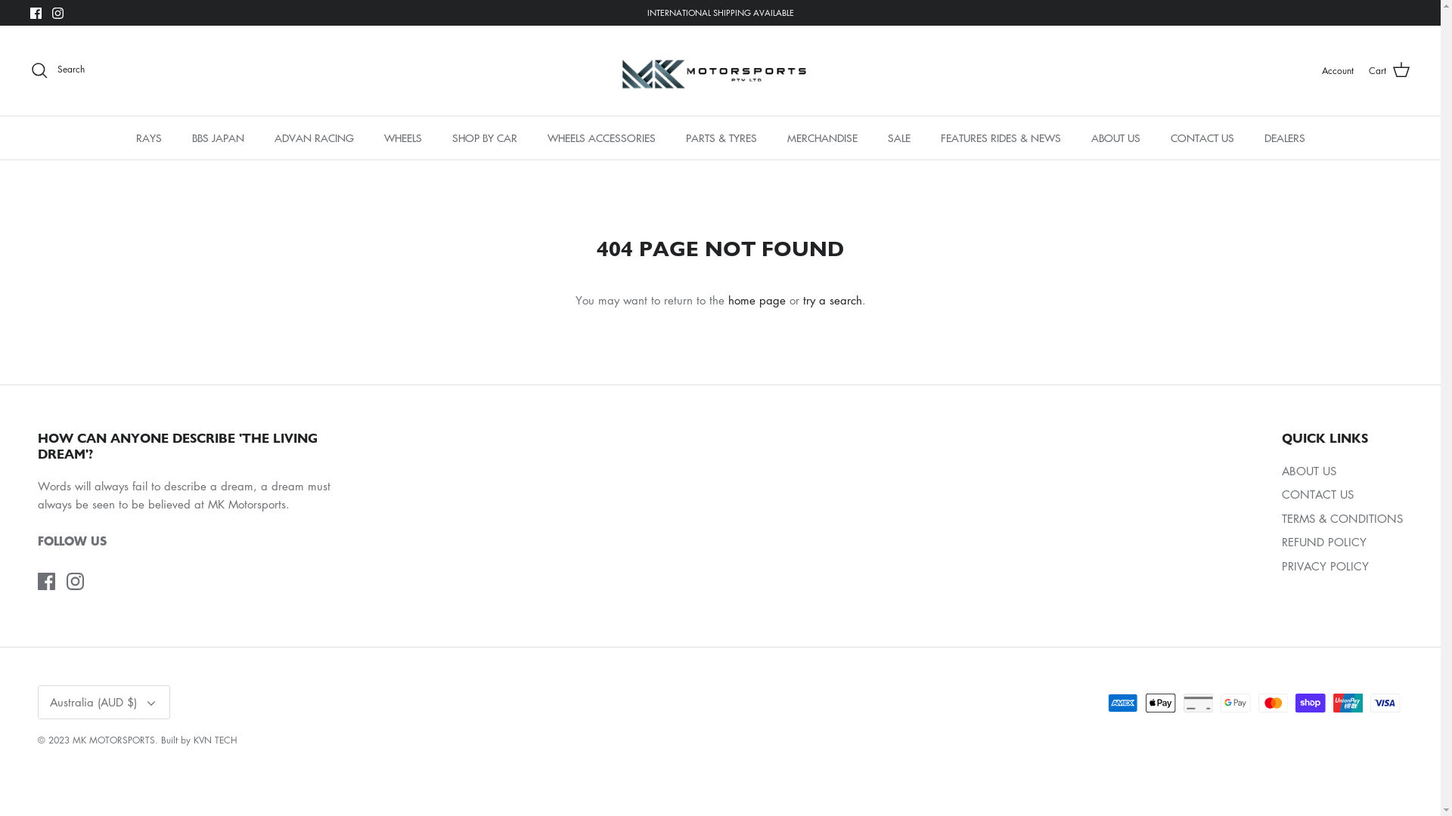 This screenshot has height=816, width=1452. Describe the element at coordinates (485, 138) in the screenshot. I see `'SHOP BY CAR'` at that location.